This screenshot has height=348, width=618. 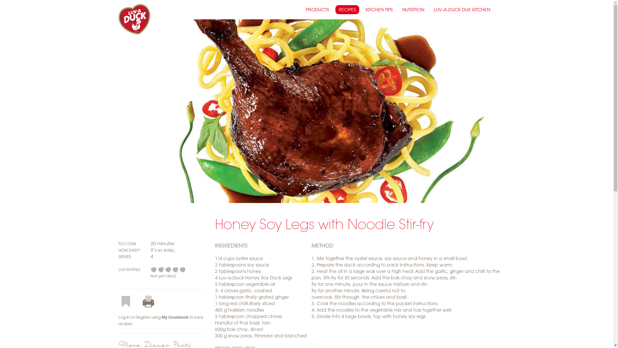 What do you see at coordinates (347, 10) in the screenshot?
I see `'RECIPES'` at bounding box center [347, 10].